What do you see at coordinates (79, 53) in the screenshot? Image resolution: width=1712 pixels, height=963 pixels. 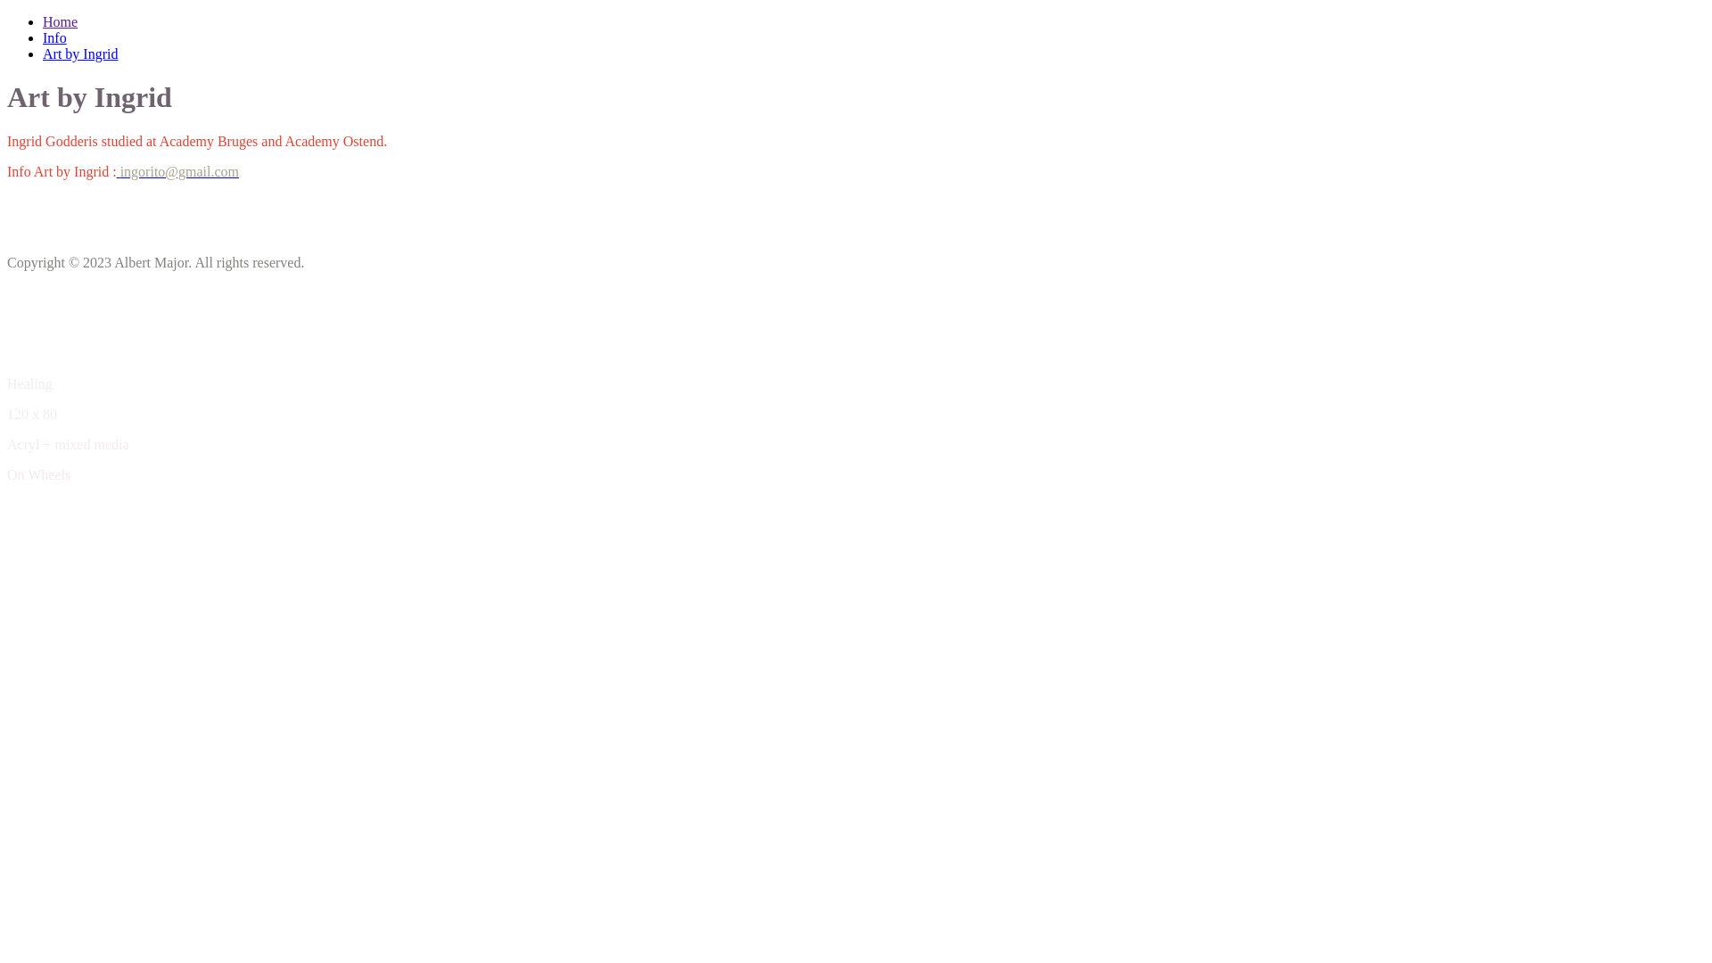 I see `'Art by Ingrid'` at bounding box center [79, 53].